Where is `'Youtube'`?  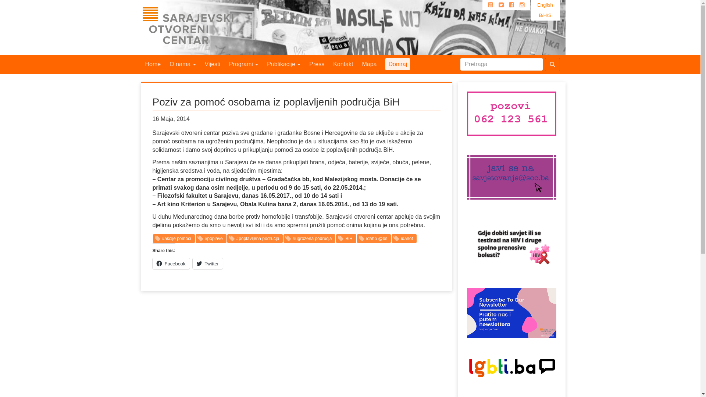
'Youtube' is located at coordinates (491, 5).